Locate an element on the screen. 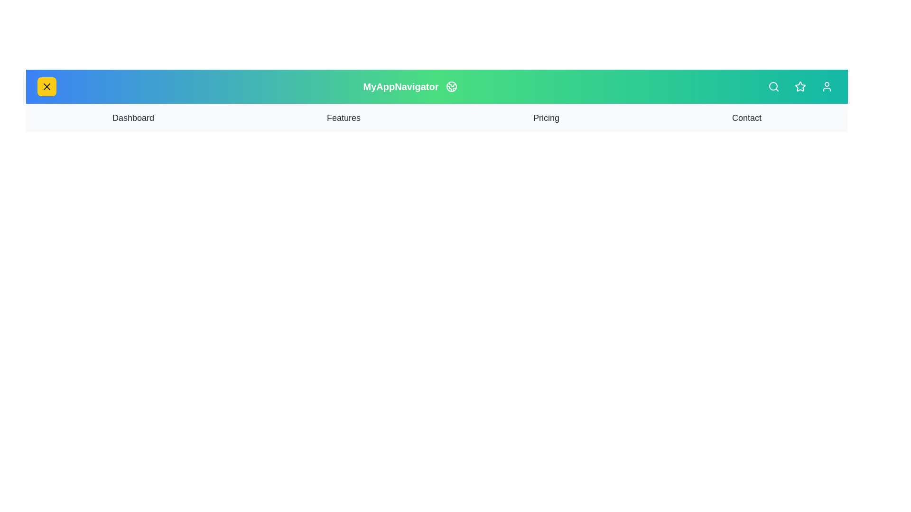 The image size is (911, 512). the navigation link labeled Features is located at coordinates (343, 118).